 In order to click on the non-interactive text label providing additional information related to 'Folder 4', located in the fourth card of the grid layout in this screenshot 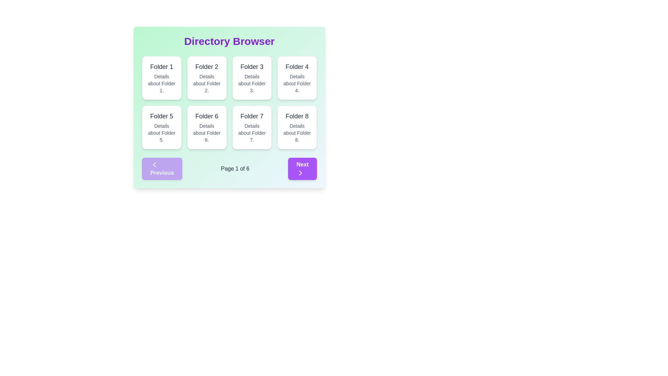, I will do `click(297, 83)`.